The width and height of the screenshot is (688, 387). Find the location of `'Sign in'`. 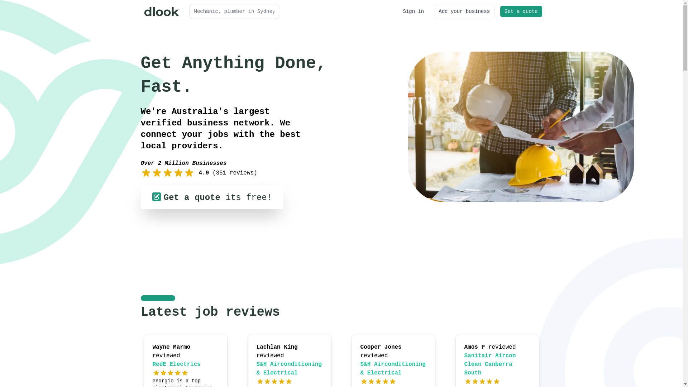

'Sign in' is located at coordinates (413, 11).